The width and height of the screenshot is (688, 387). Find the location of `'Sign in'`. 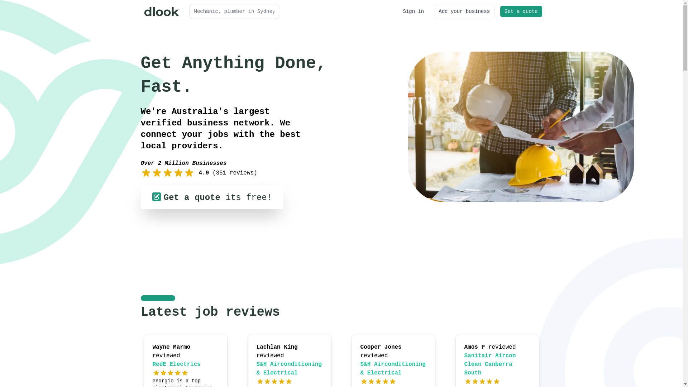

'Sign in' is located at coordinates (413, 11).